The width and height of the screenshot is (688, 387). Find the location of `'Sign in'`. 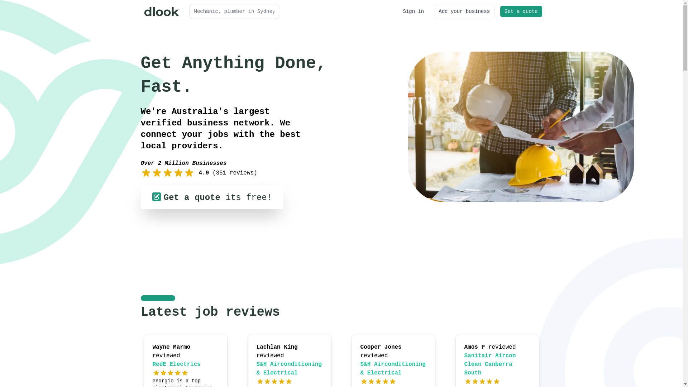

'Sign in' is located at coordinates (413, 11).